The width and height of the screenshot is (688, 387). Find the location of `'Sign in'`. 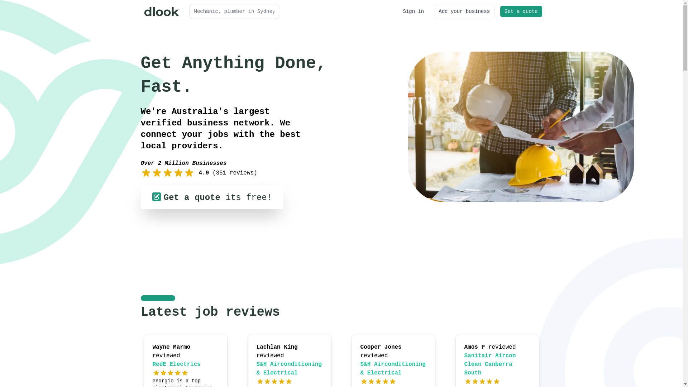

'Sign in' is located at coordinates (413, 11).